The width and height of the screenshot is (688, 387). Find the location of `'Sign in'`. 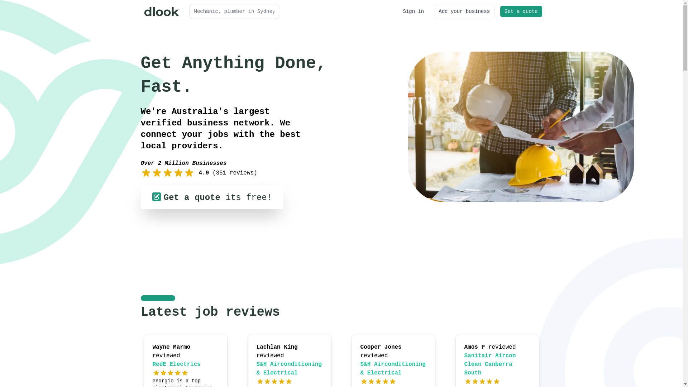

'Sign in' is located at coordinates (413, 11).